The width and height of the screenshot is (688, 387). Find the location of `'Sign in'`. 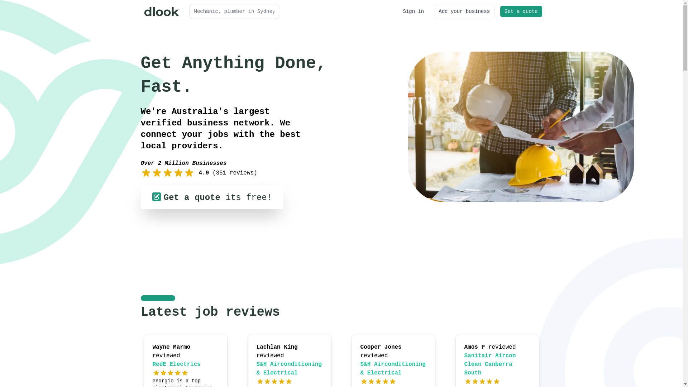

'Sign in' is located at coordinates (413, 11).